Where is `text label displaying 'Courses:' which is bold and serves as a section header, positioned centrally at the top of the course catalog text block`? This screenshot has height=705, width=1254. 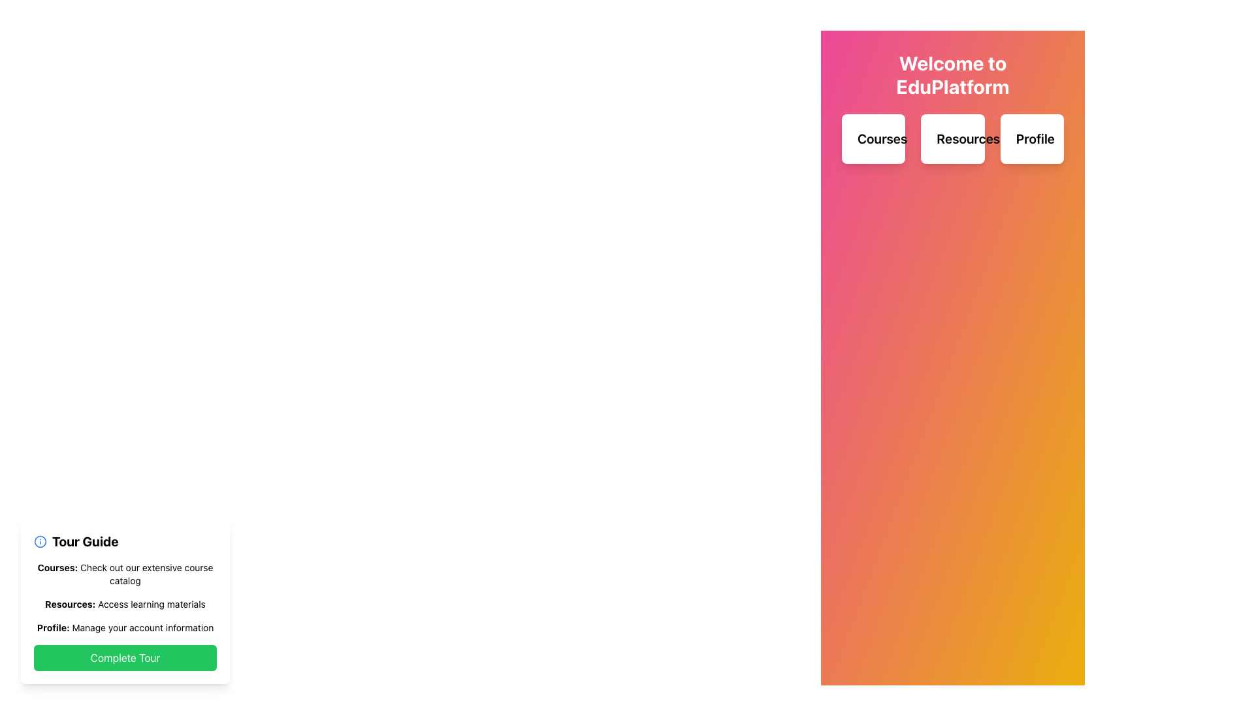 text label displaying 'Courses:' which is bold and serves as a section header, positioned centrally at the top of the course catalog text block is located at coordinates (57, 567).